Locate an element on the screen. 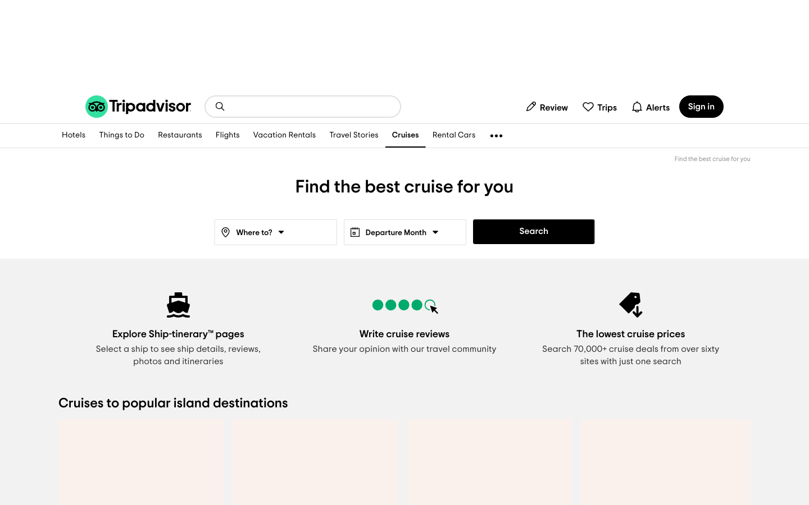 The image size is (809, 505). Look up hotels in this area is located at coordinates (73, 135).